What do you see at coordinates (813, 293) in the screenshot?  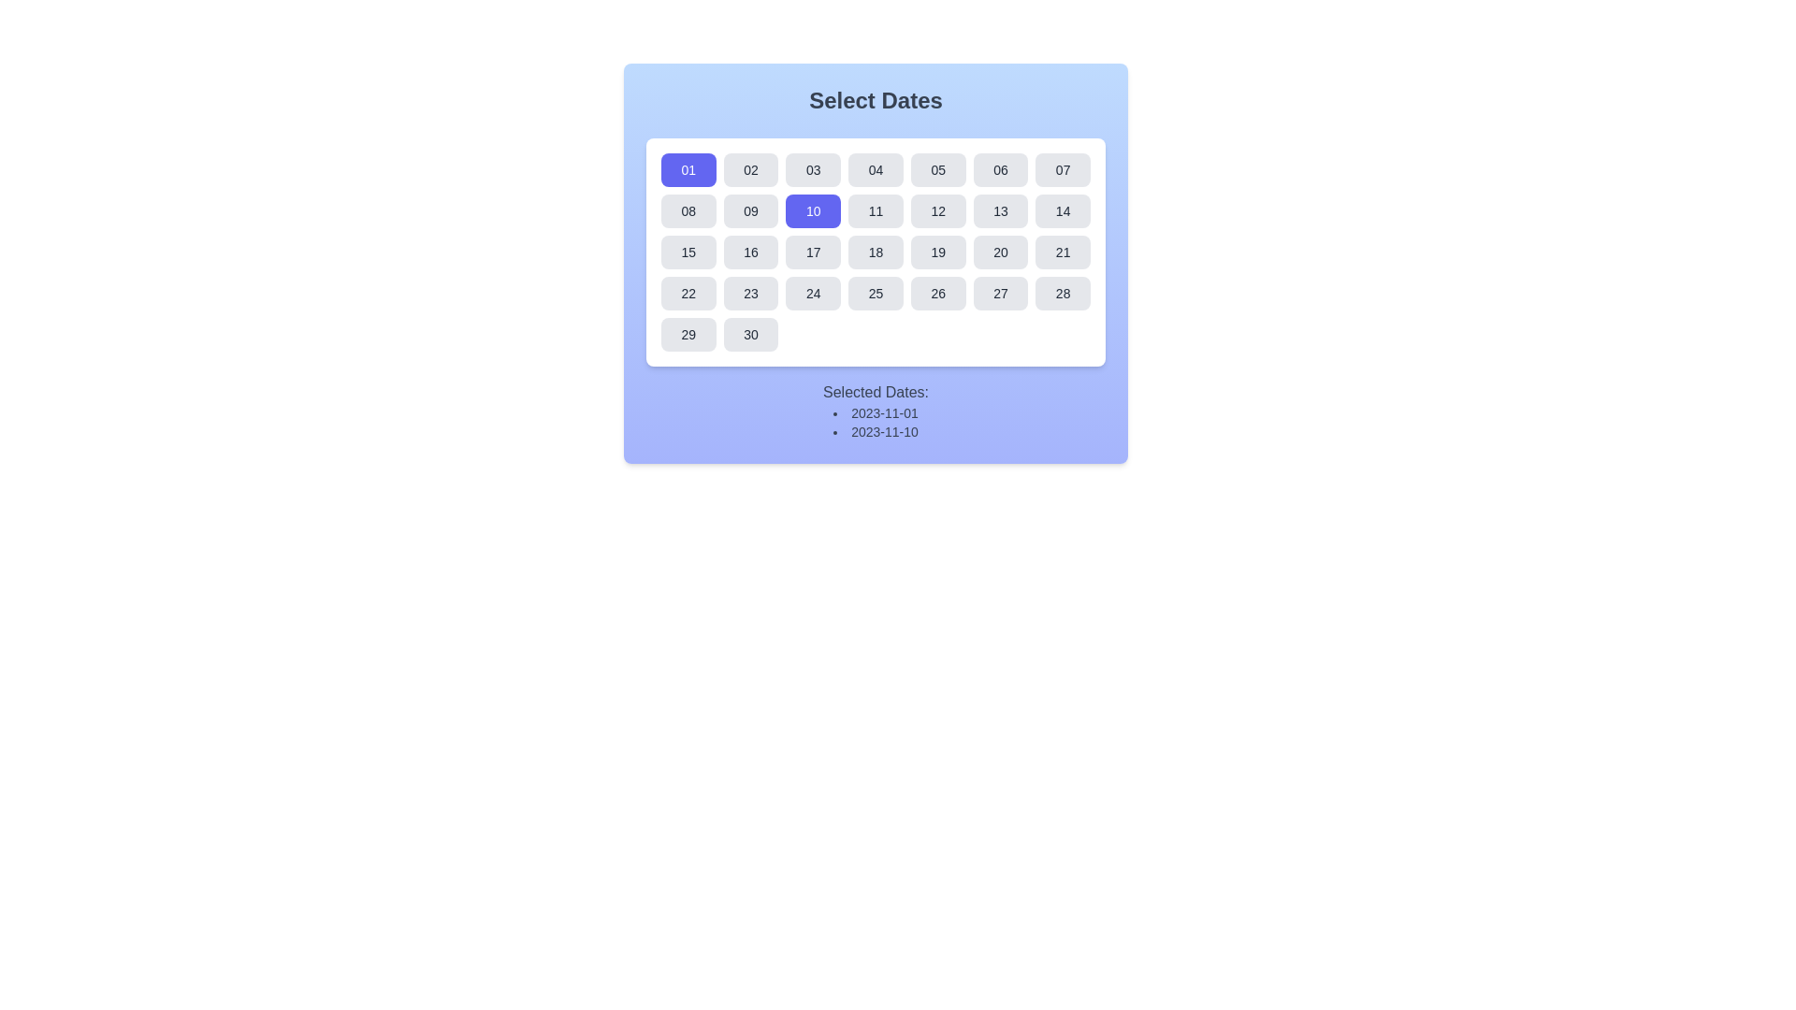 I see `the button representing the date '24' in the calendar interface` at bounding box center [813, 293].